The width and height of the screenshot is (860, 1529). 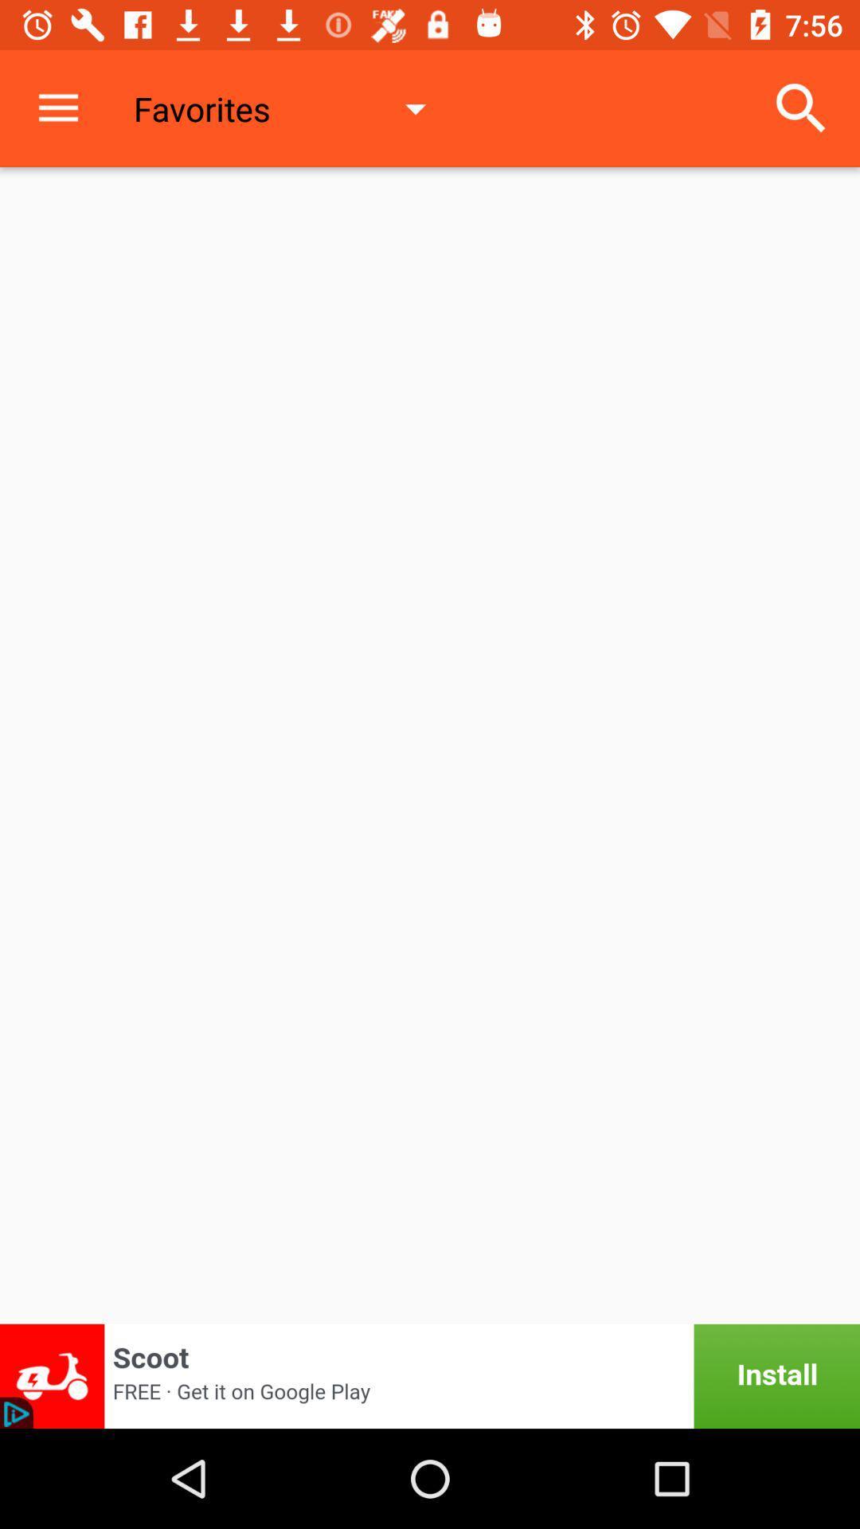 What do you see at coordinates (430, 1375) in the screenshot?
I see `the advertisement` at bounding box center [430, 1375].